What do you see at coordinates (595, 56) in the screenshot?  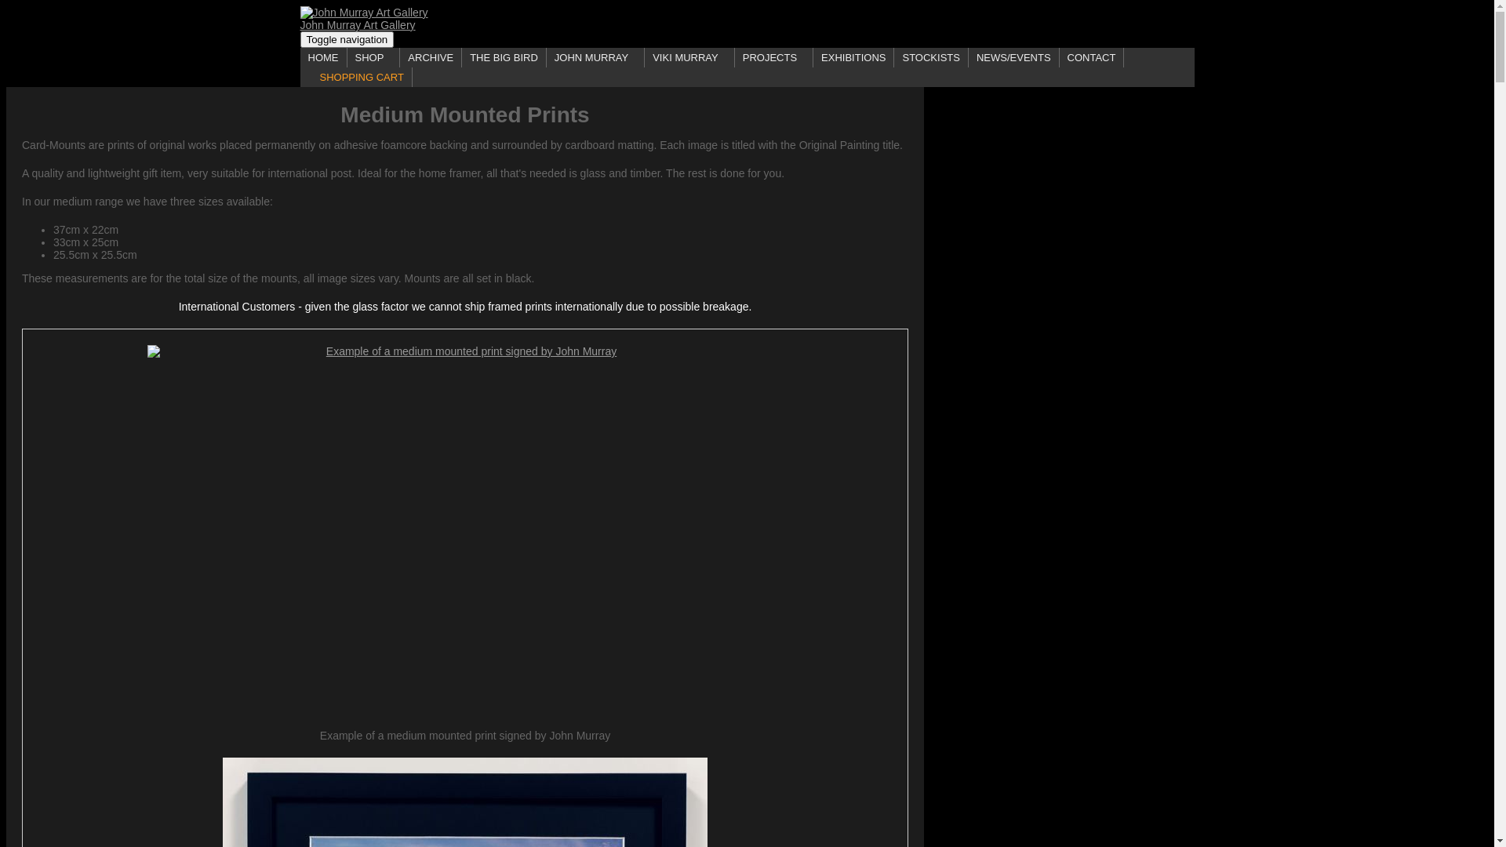 I see `'JOHN MURRAY'` at bounding box center [595, 56].